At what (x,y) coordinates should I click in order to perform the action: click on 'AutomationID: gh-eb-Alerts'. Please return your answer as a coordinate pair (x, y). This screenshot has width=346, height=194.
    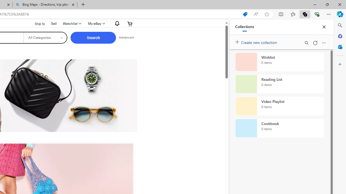
    Looking at the image, I should click on (116, 23).